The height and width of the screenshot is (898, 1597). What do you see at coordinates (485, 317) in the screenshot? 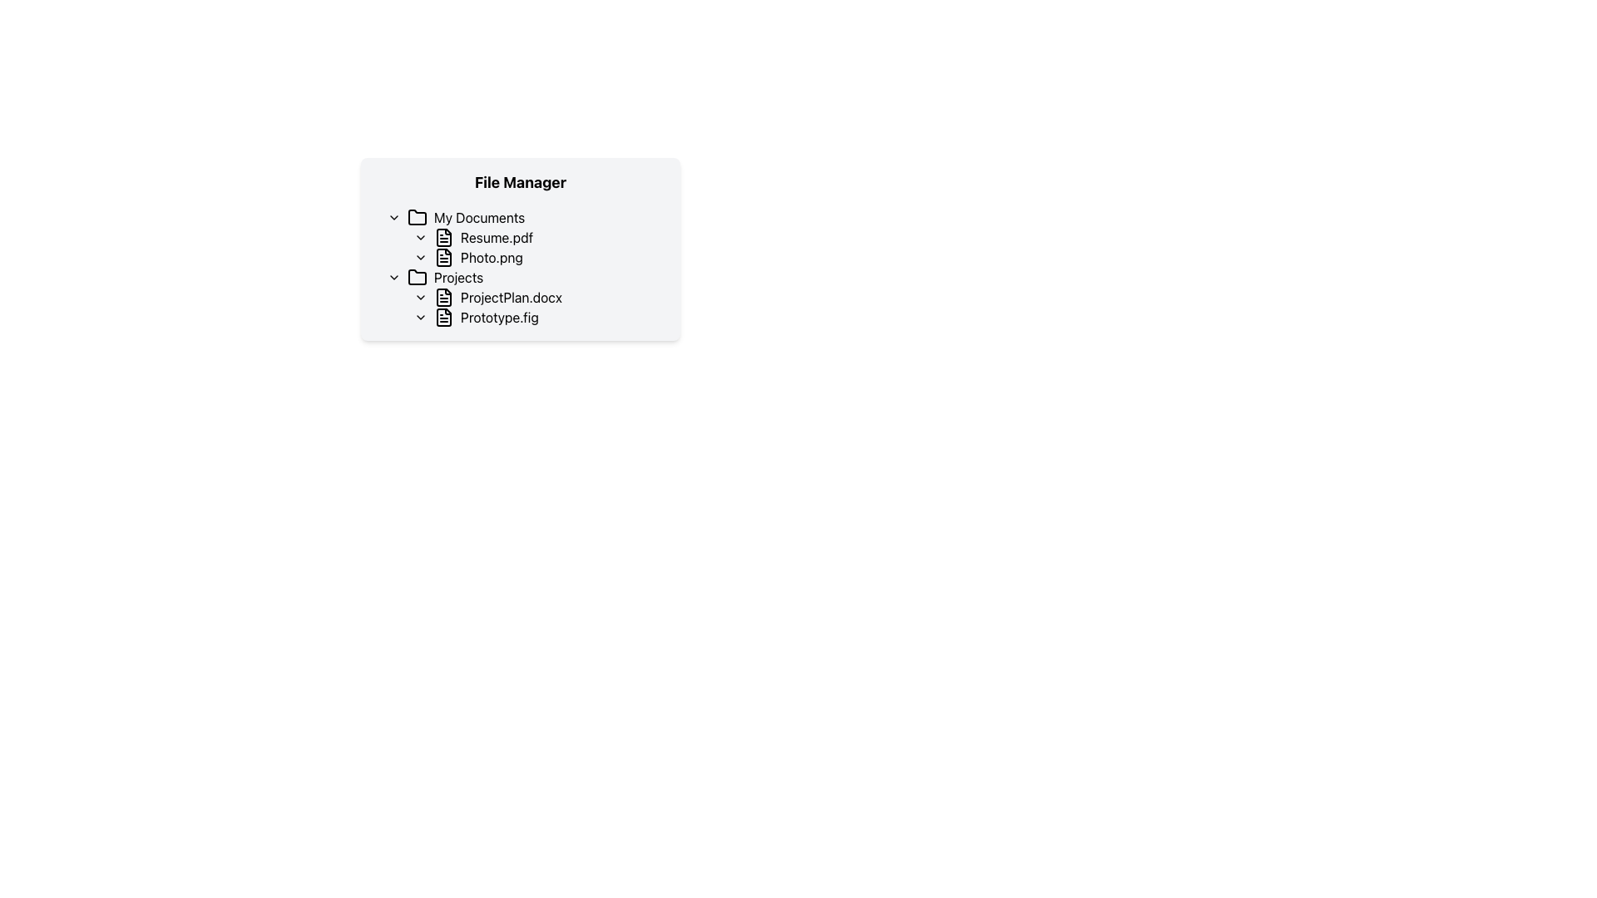
I see `the 'Prototype.fig' file entry` at bounding box center [485, 317].